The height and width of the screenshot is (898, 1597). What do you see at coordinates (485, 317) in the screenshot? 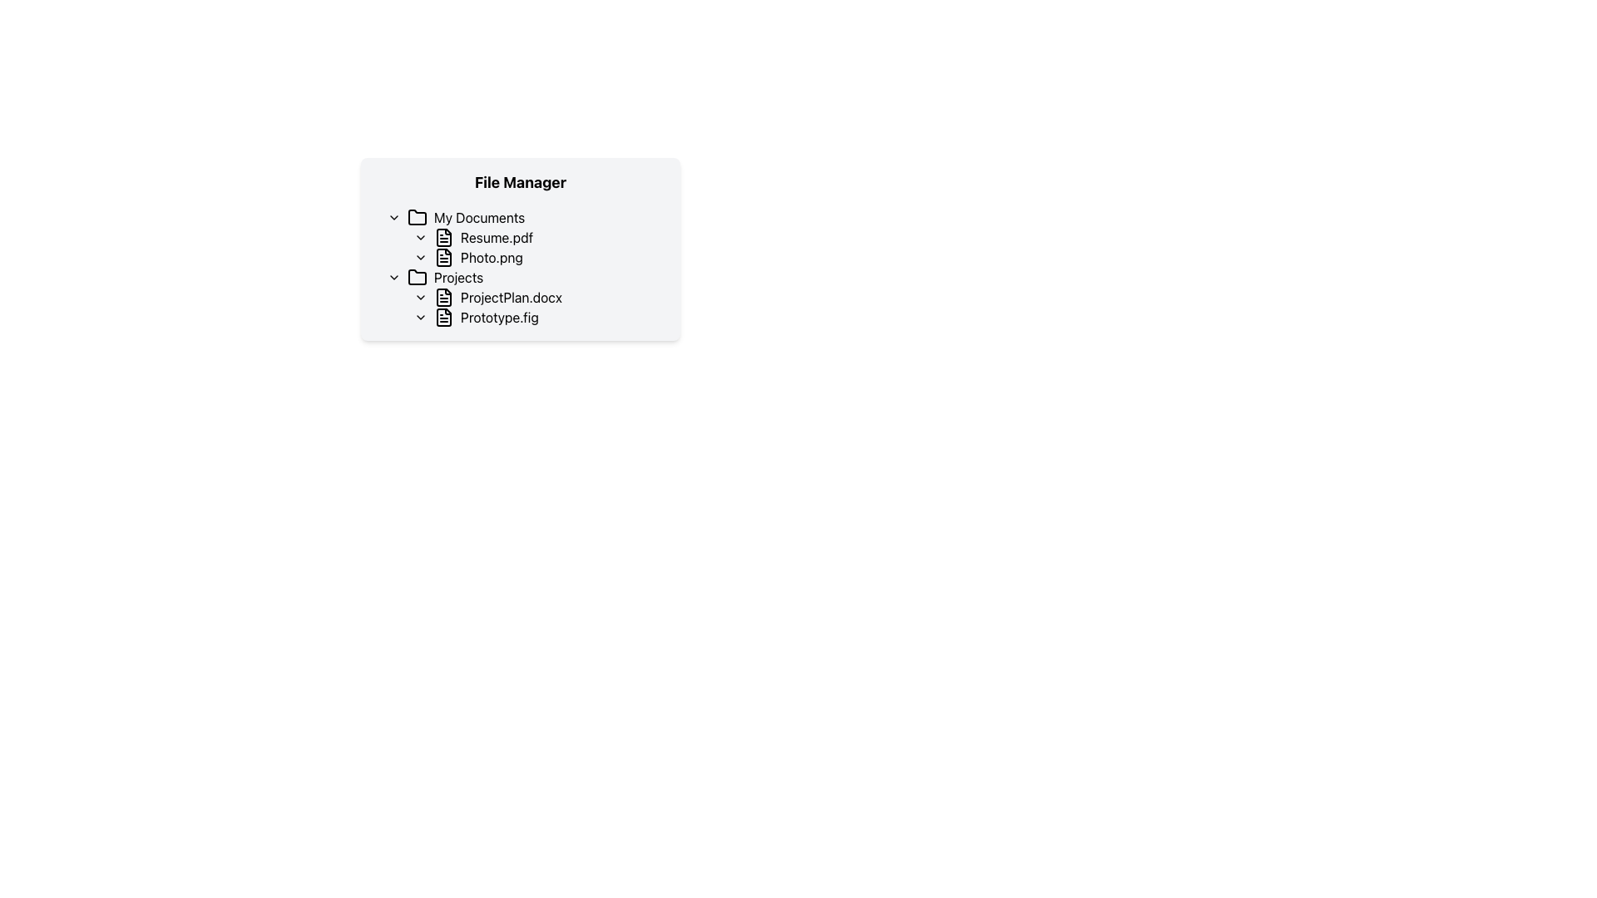
I see `the 'Prototype.fig' file entry` at bounding box center [485, 317].